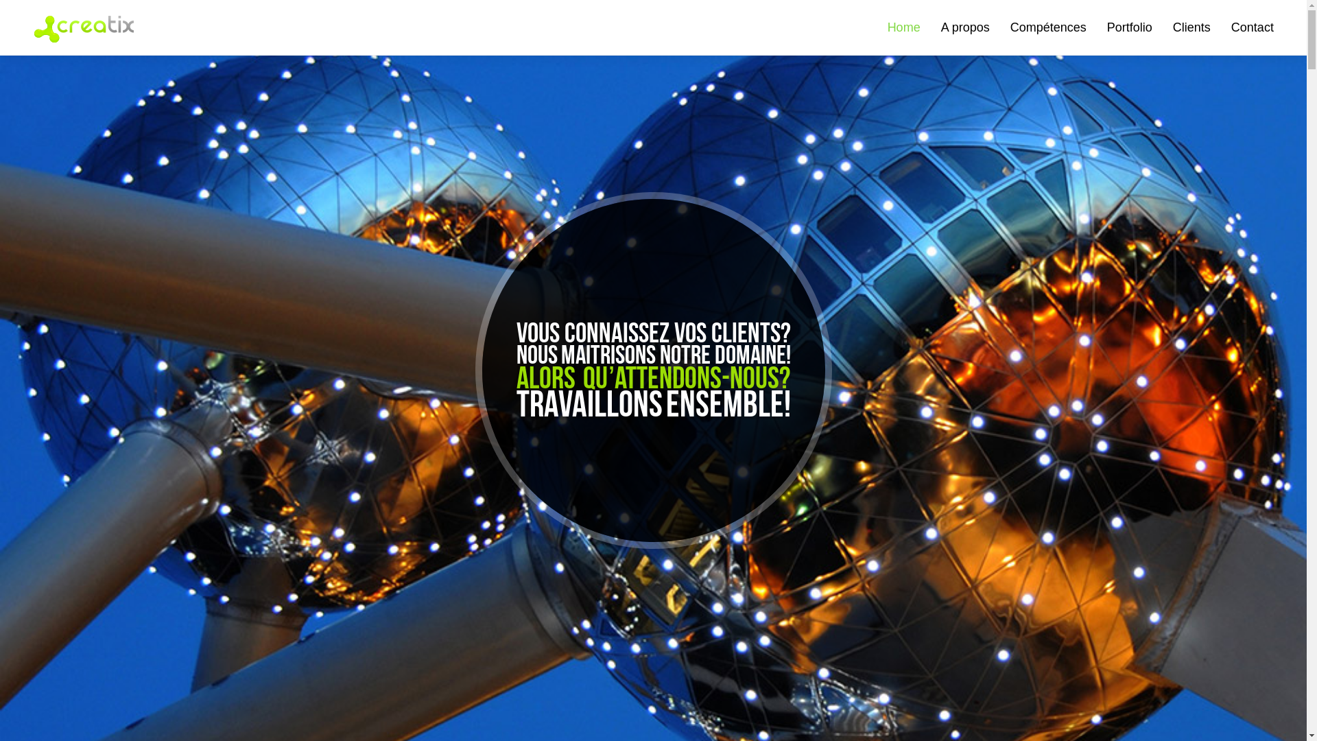  What do you see at coordinates (904, 27) in the screenshot?
I see `'Home'` at bounding box center [904, 27].